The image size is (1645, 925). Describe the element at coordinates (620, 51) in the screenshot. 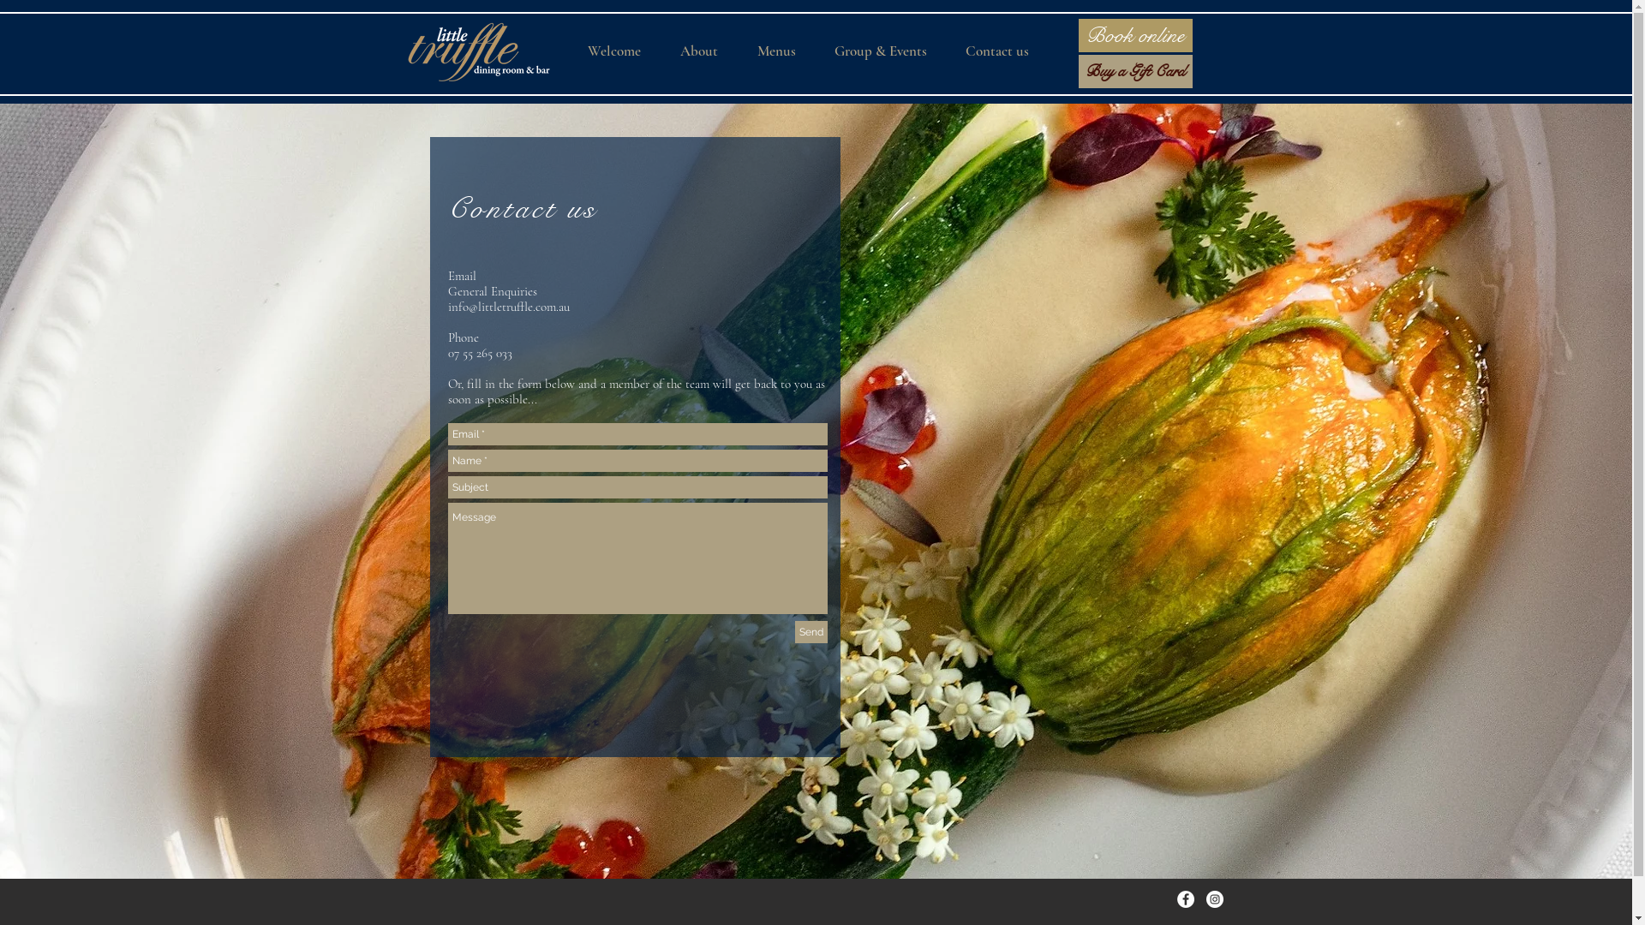

I see `'Welcome'` at that location.